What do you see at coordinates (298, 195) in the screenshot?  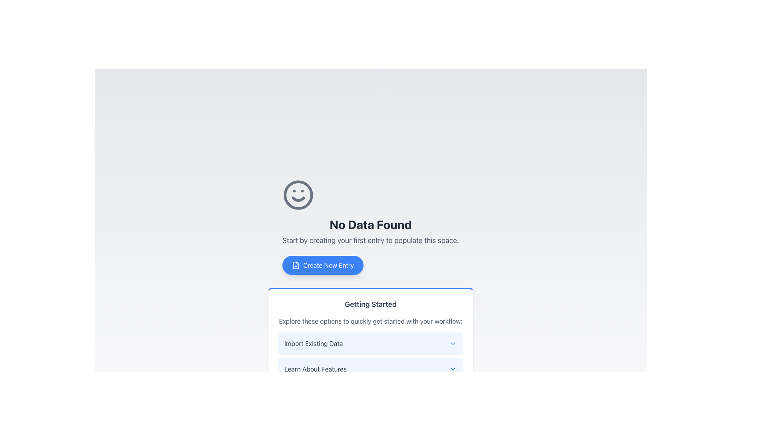 I see `the Decorative Icon, which is a smiley face icon located above the text 'No Data Found' in the message layout` at bounding box center [298, 195].